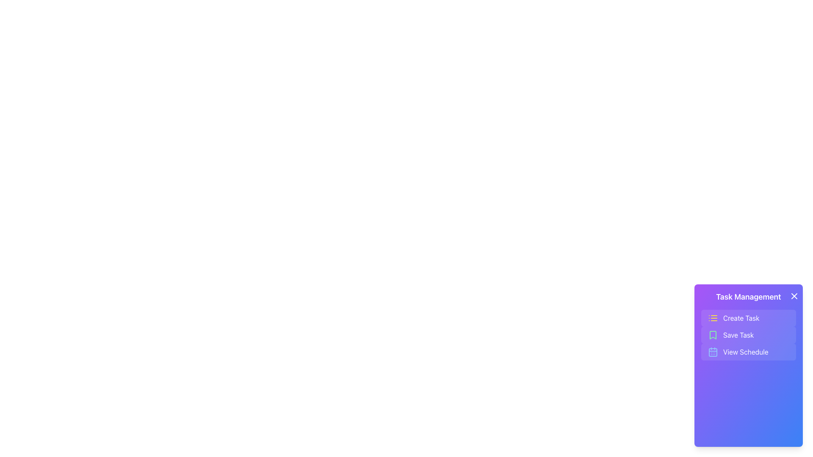 This screenshot has width=813, height=457. Describe the element at coordinates (748, 325) in the screenshot. I see `the 'Save Task' button, which is the second interactive entry in the 'Task Management' panel` at that location.